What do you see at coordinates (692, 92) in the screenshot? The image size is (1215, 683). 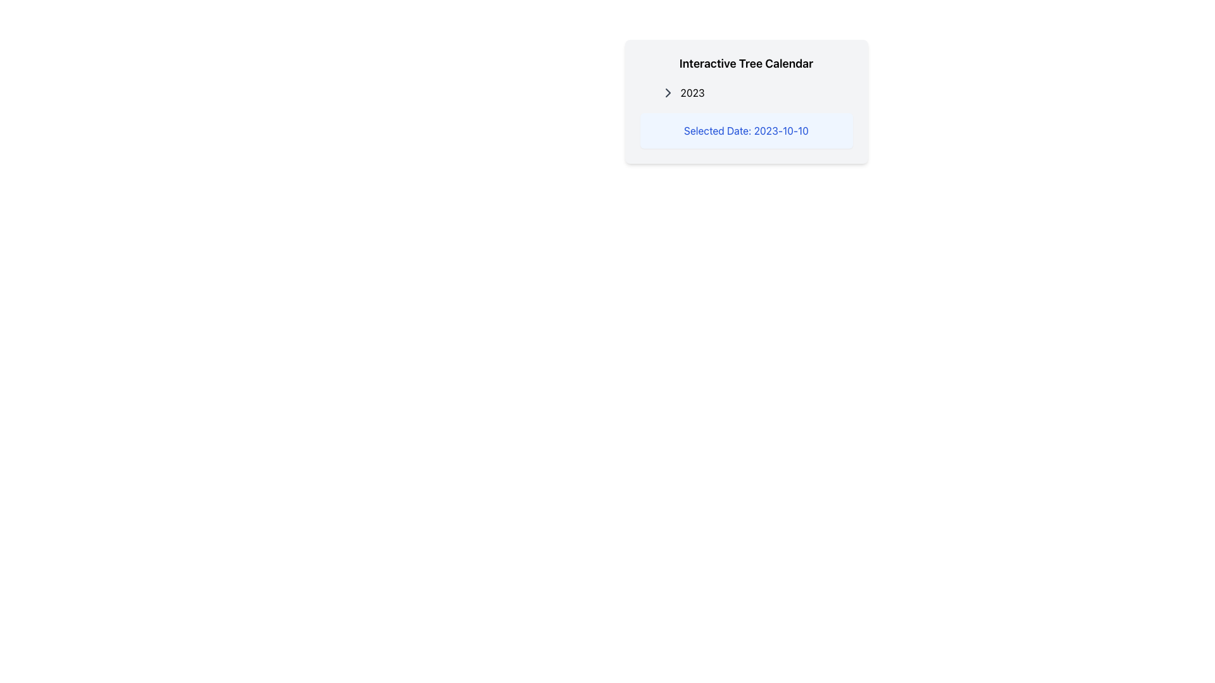 I see `the selectable year label for 2023 located in the upper section of the 'Interactive Tree Calendar' interface` at bounding box center [692, 92].